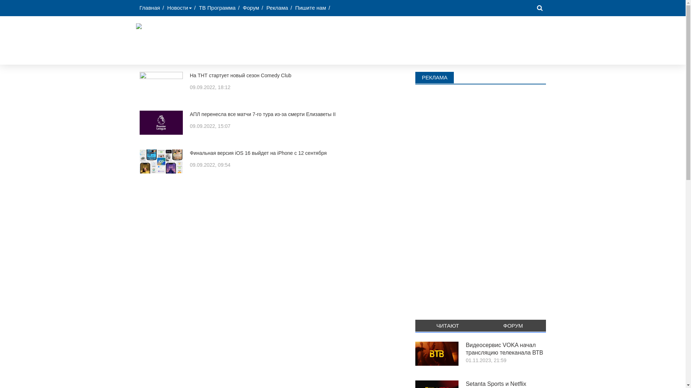  I want to click on 'Advertisement', so click(480, 199).